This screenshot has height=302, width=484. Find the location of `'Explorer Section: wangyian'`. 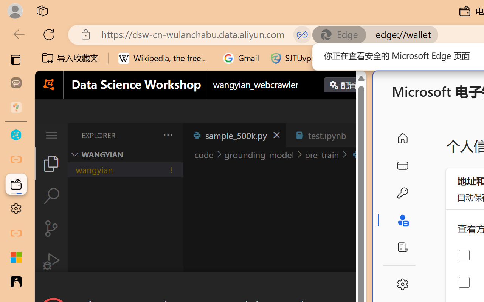

'Explorer Section: wangyian' is located at coordinates (125, 154).